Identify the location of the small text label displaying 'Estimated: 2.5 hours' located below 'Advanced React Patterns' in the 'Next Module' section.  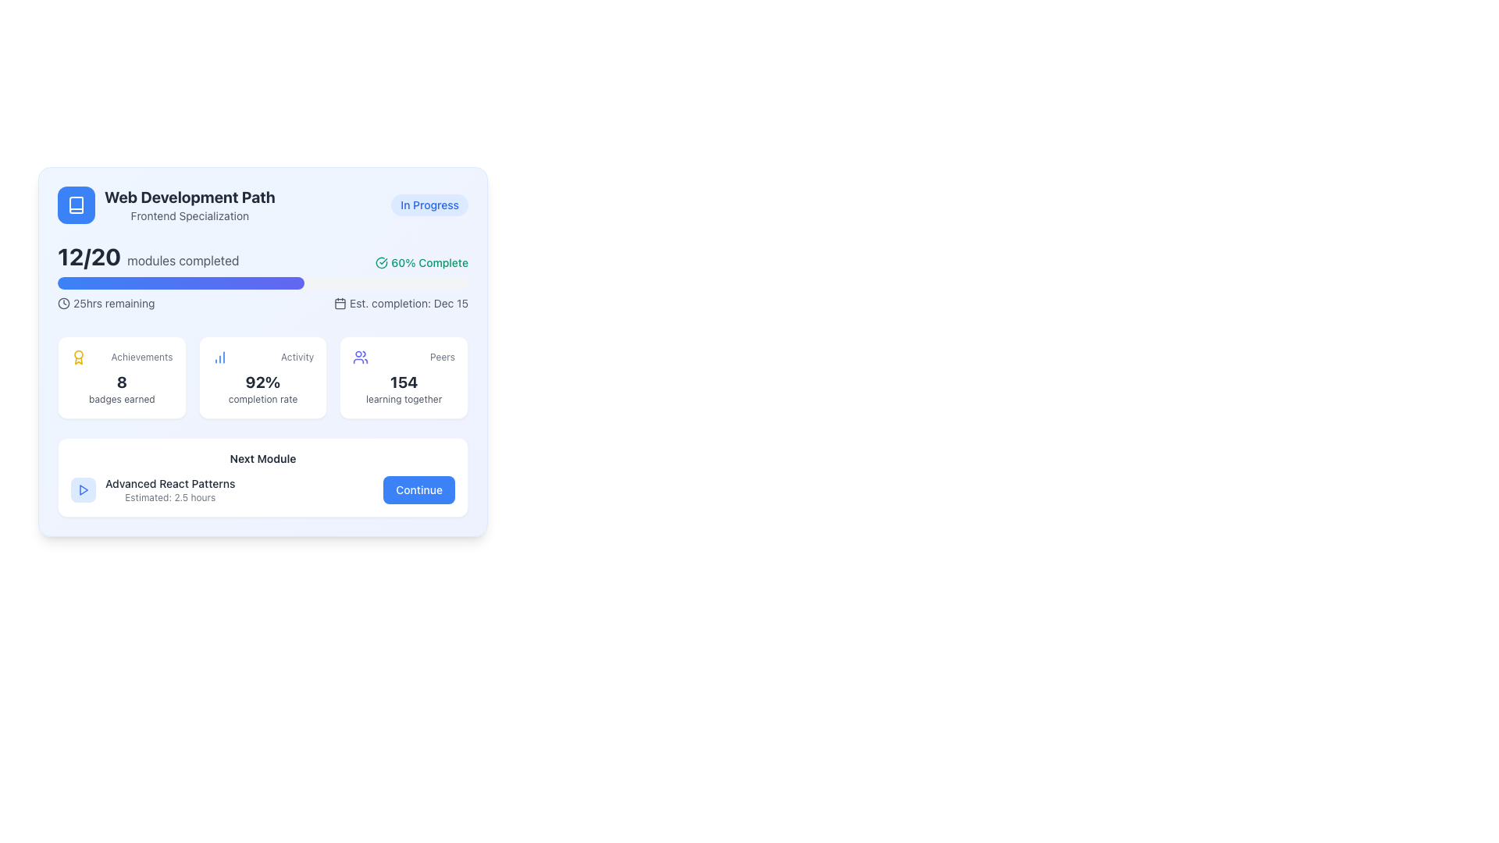
(170, 497).